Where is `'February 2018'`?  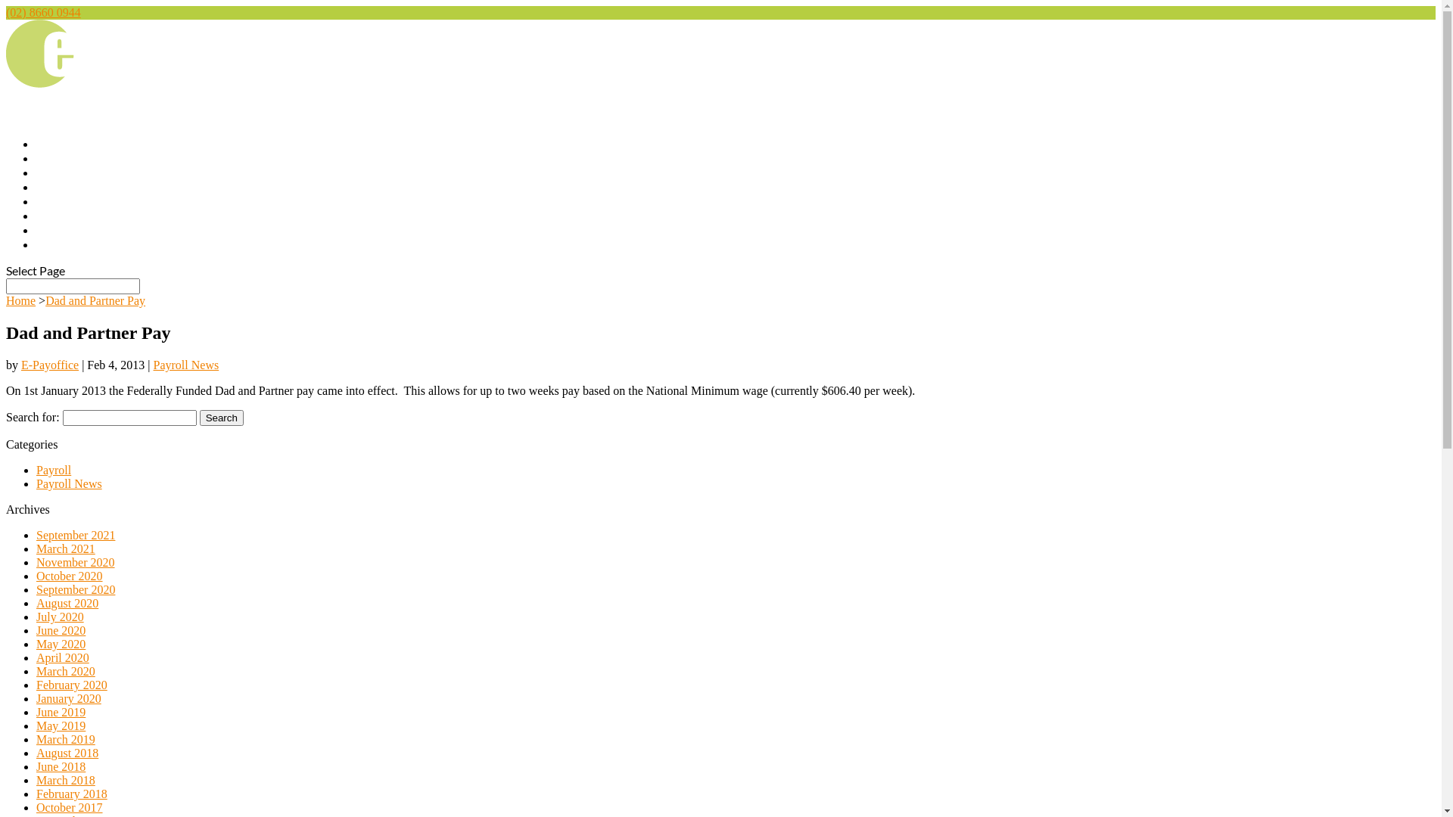 'February 2018' is located at coordinates (36, 793).